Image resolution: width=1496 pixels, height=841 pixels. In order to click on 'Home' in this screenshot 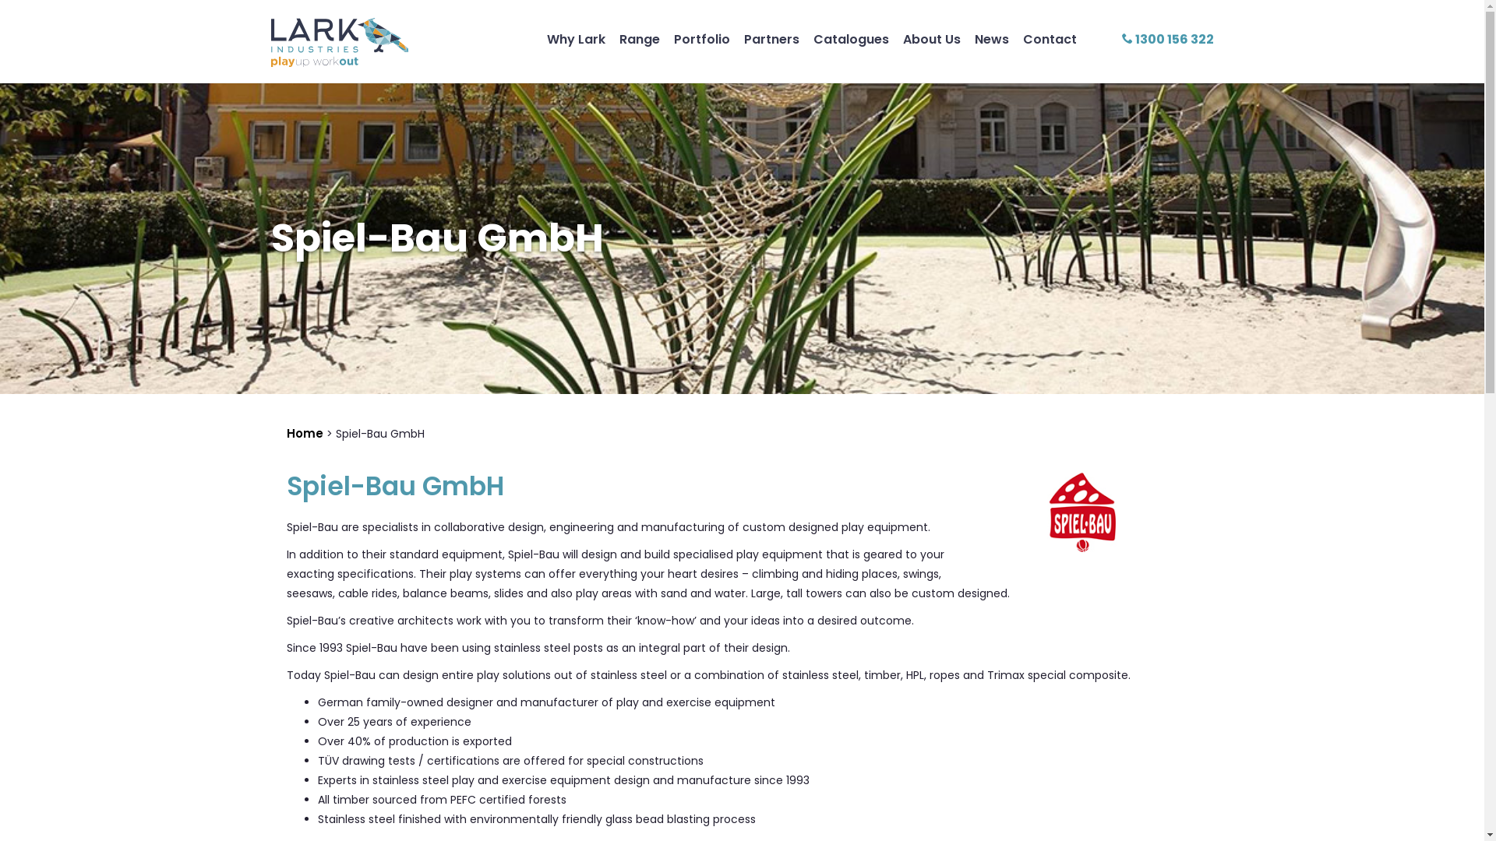, I will do `click(305, 433)`.